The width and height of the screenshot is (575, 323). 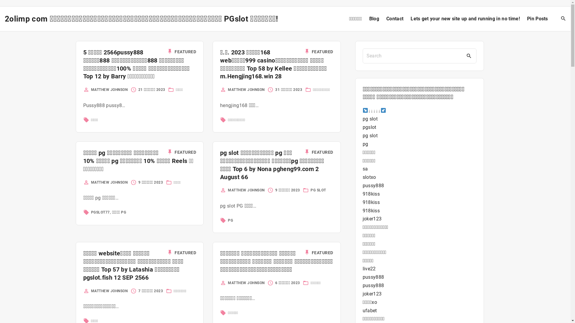 What do you see at coordinates (374, 18) in the screenshot?
I see `'Blog'` at bounding box center [374, 18].